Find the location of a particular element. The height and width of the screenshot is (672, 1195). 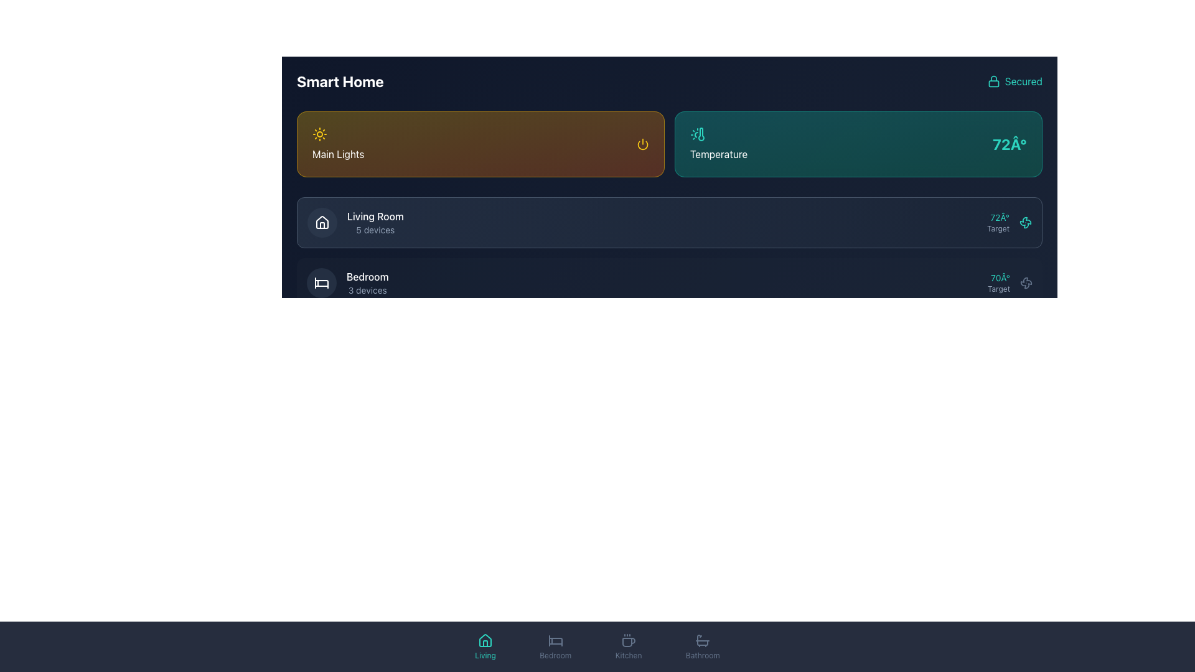

the temperature setting display located in the top-right corner of the bottom panel is located at coordinates (998, 222).